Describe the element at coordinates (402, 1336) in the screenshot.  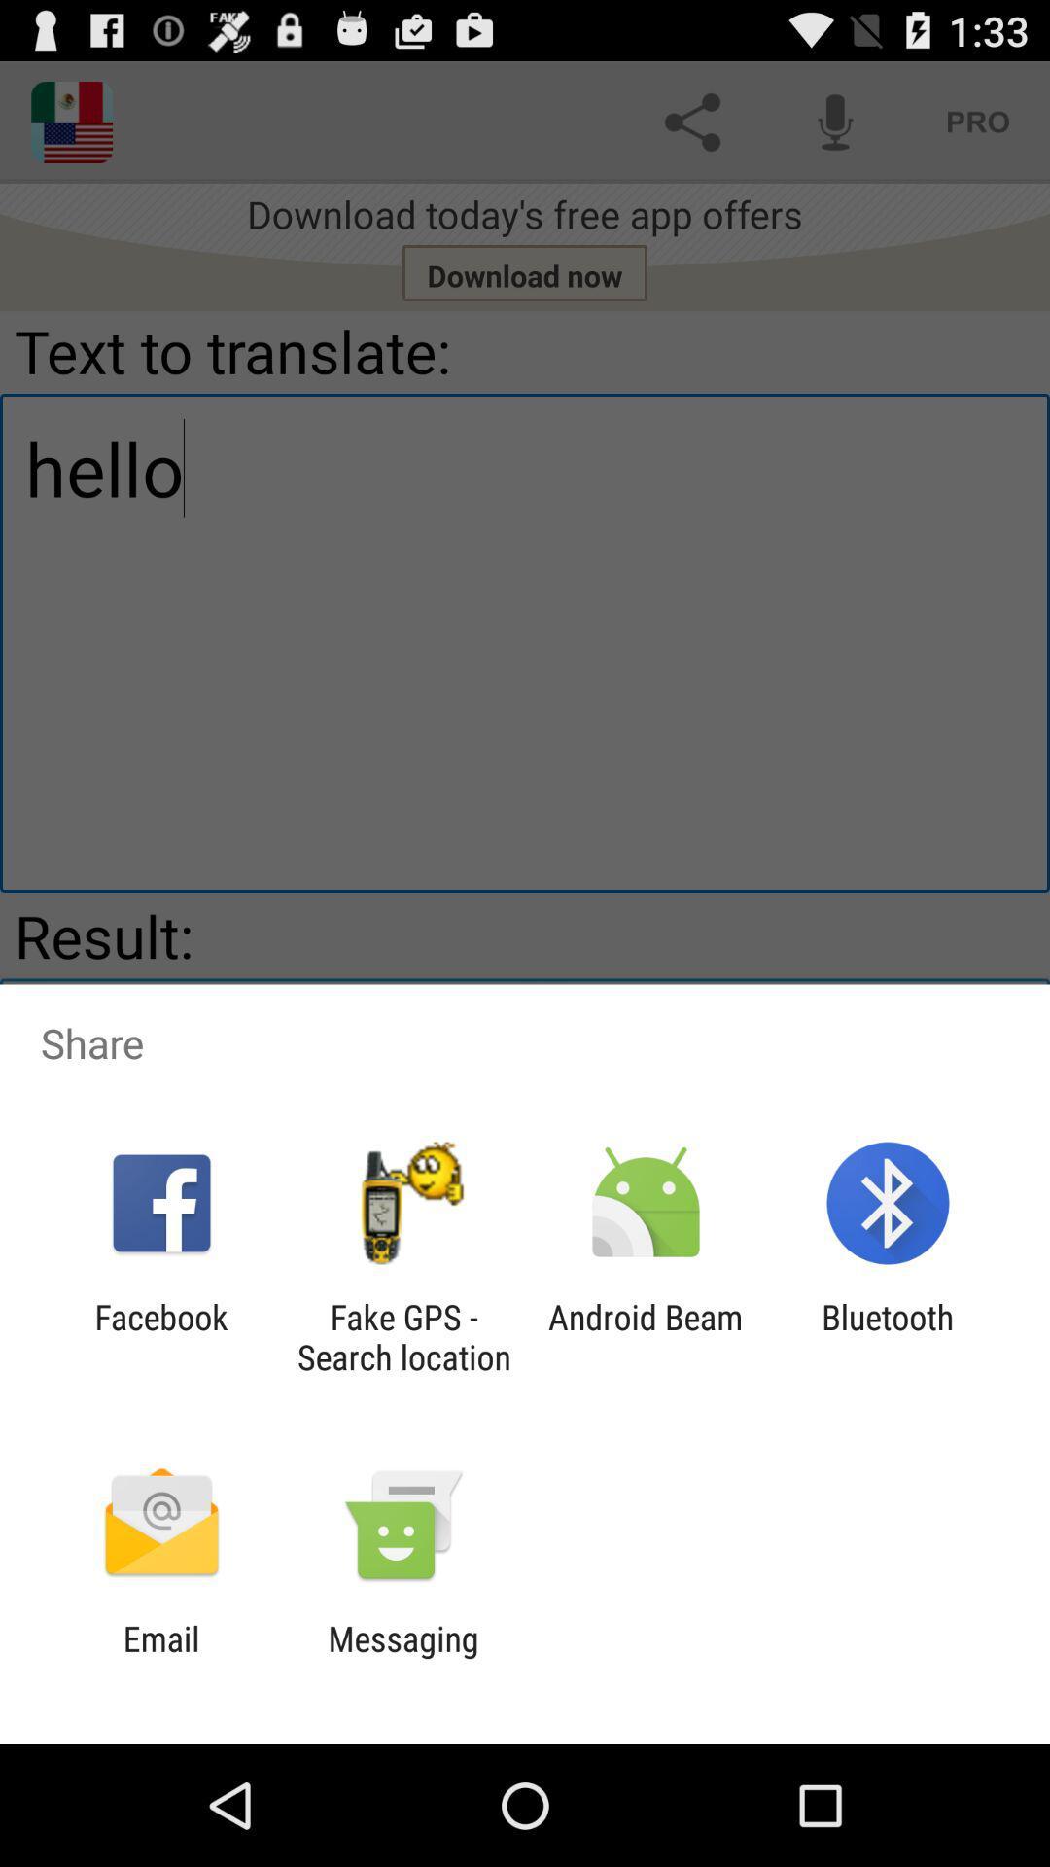
I see `the app next to facebook item` at that location.